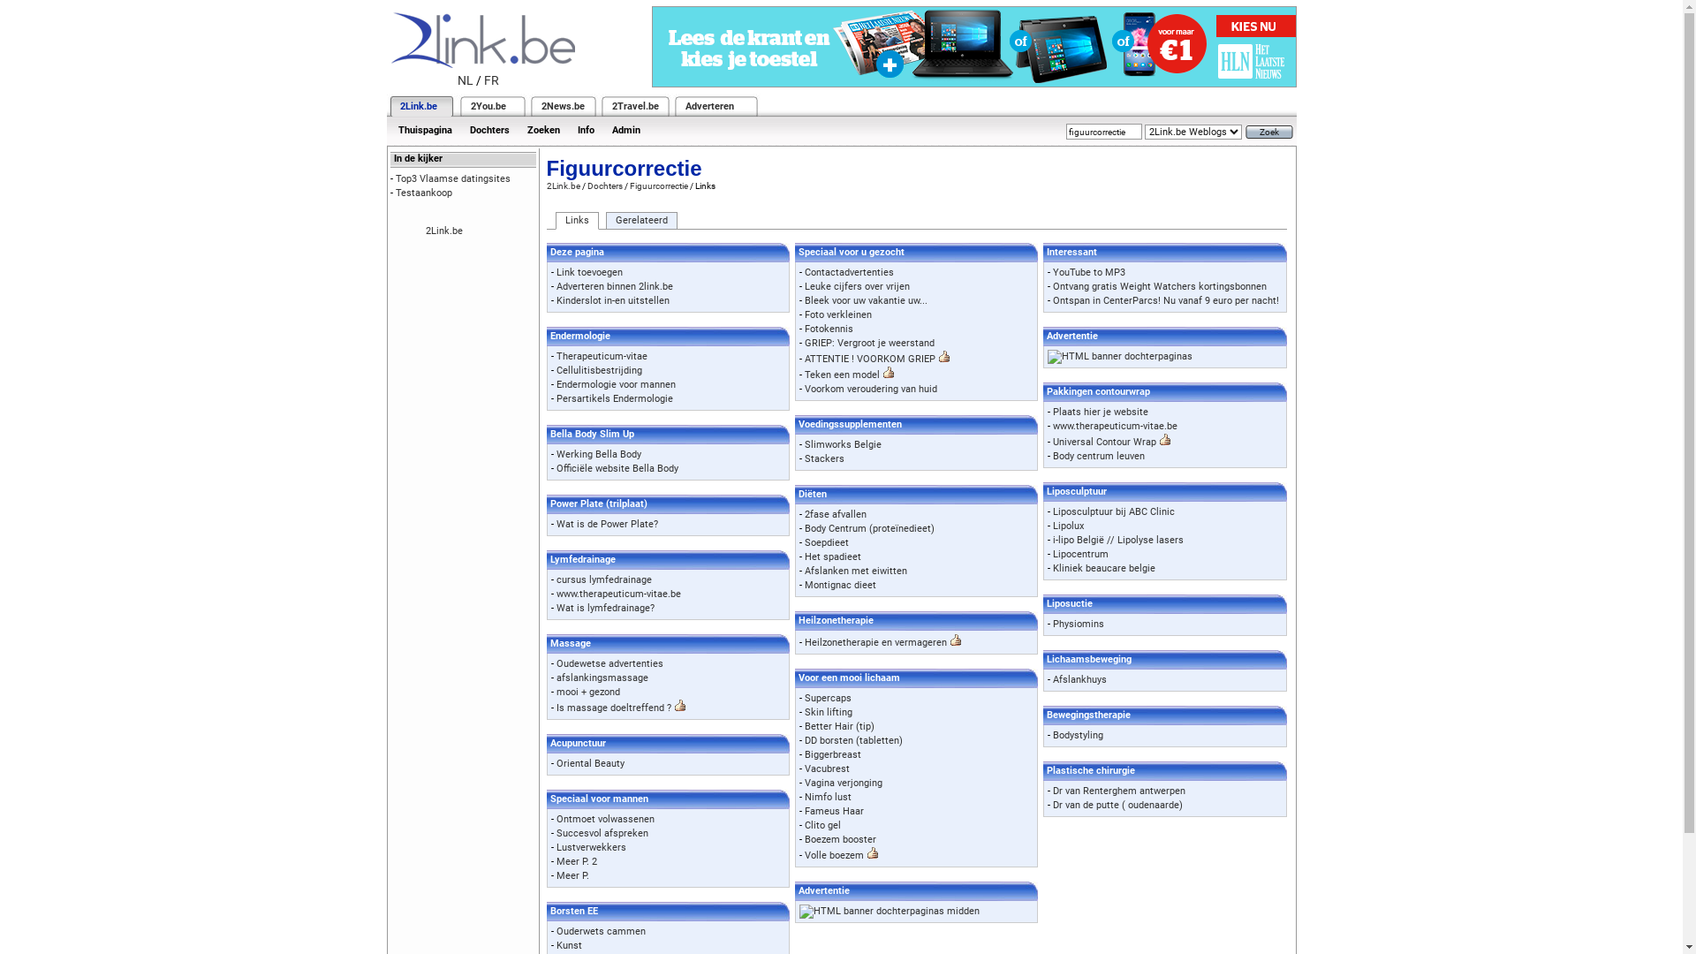 This screenshot has height=954, width=1696. I want to click on 'Wat is lymfedrainage?', so click(605, 607).